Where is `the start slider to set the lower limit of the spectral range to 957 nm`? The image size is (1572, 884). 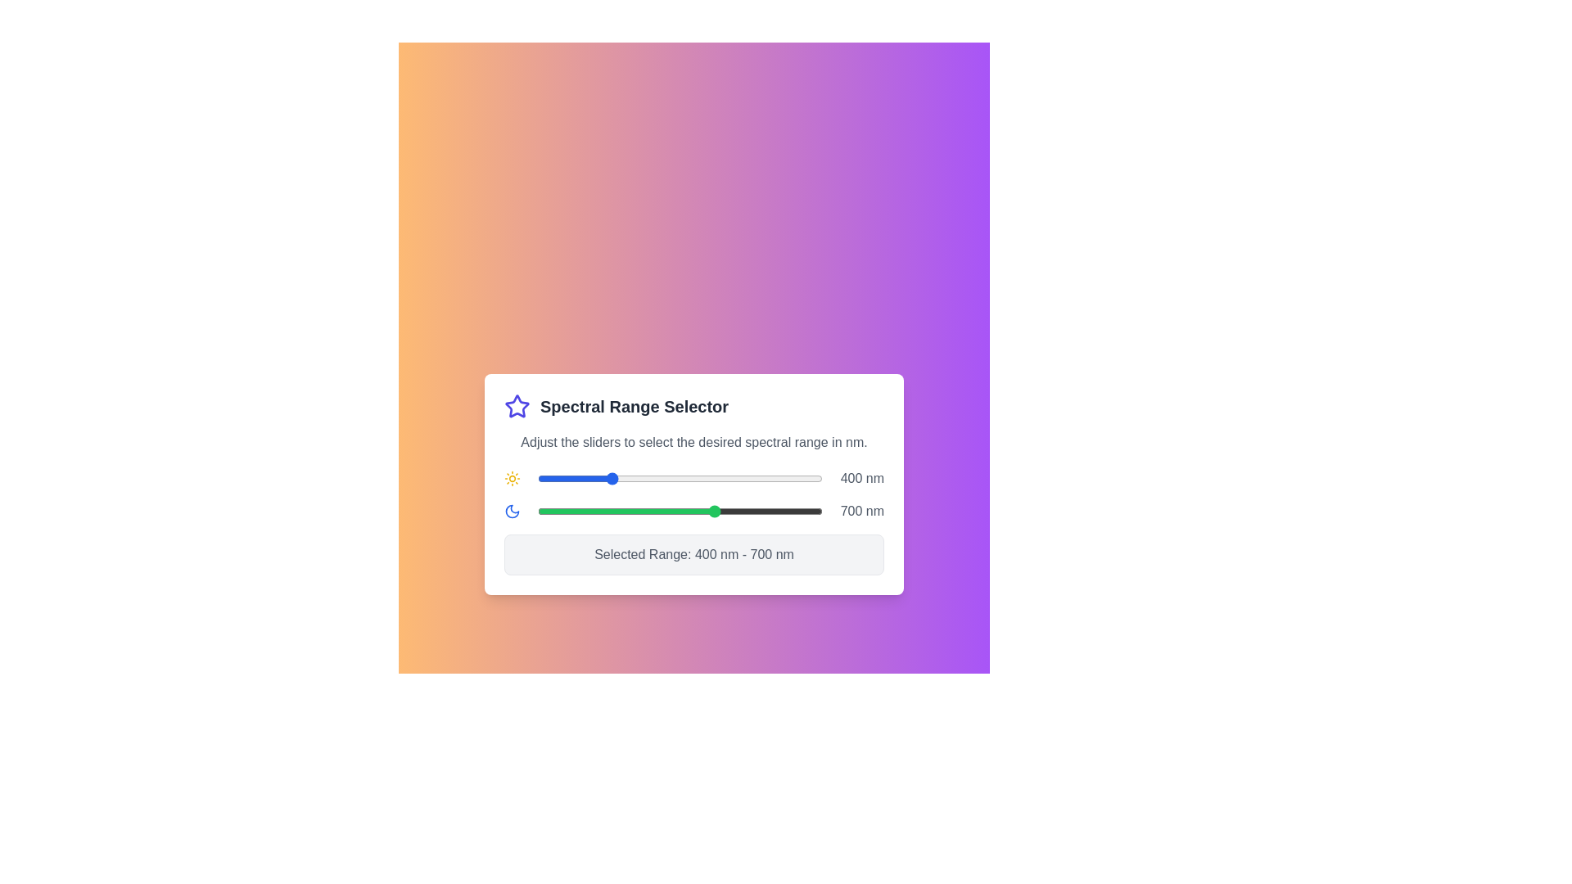 the start slider to set the lower limit of the spectral range to 957 nm is located at coordinates (807, 479).